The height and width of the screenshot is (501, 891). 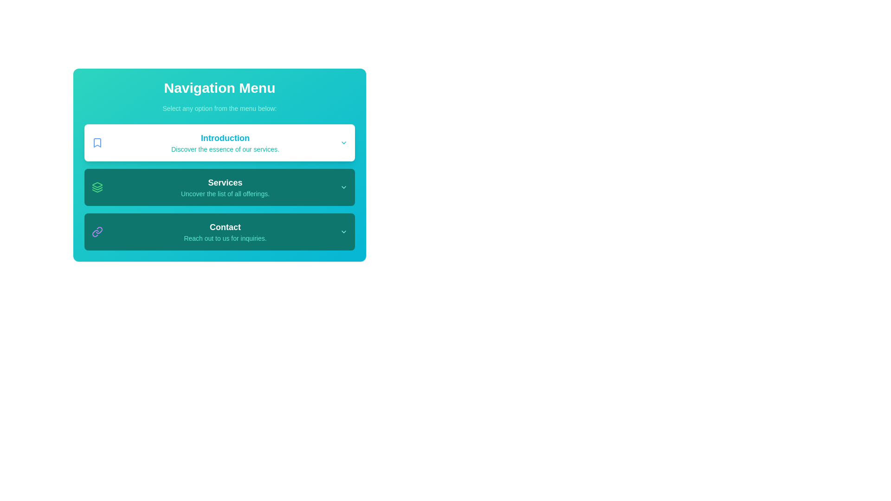 I want to click on descriptive subtitle of the 'Contact' section title in the navigation menu, which is displayed within a teal box accompanied by an icon on the left and a downward-chevron on the right, so click(x=225, y=231).